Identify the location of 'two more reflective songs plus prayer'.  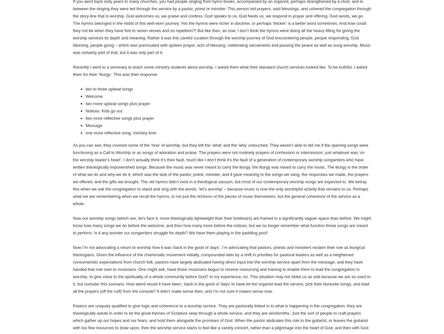
(120, 118).